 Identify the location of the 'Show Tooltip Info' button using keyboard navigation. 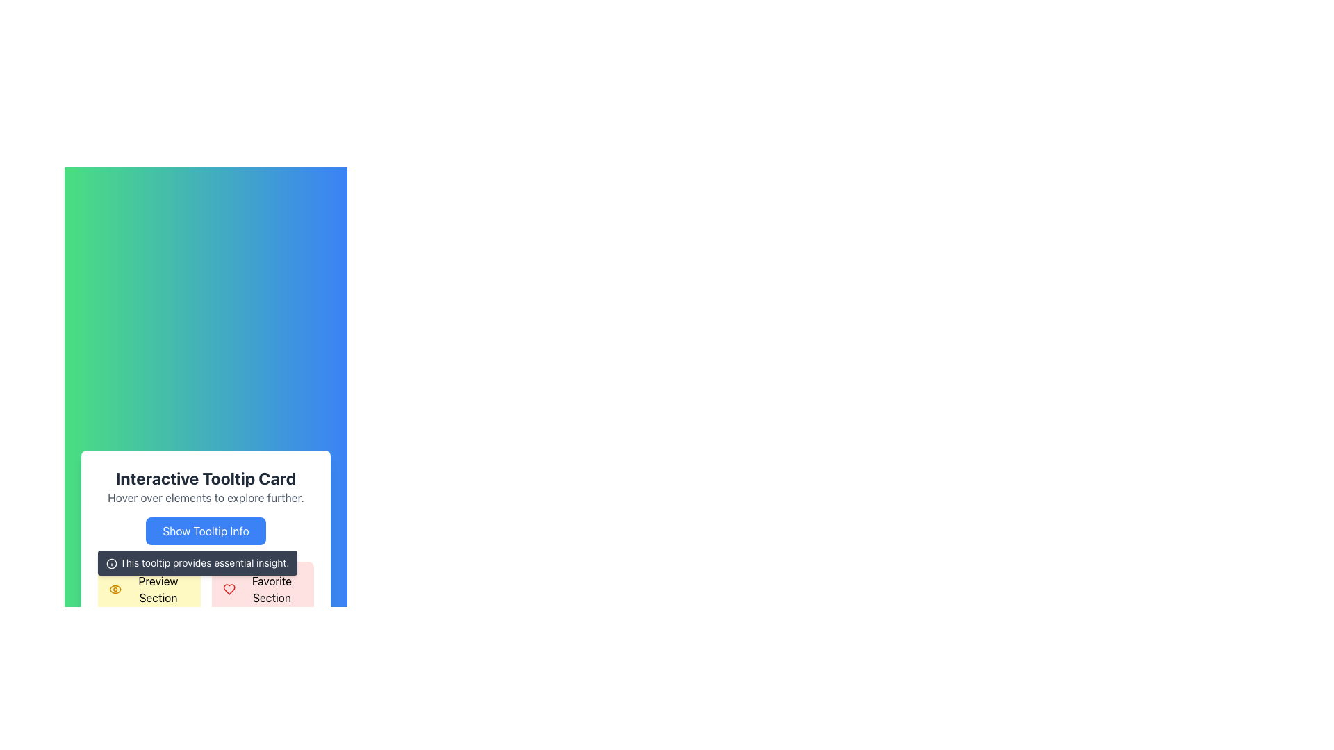
(205, 531).